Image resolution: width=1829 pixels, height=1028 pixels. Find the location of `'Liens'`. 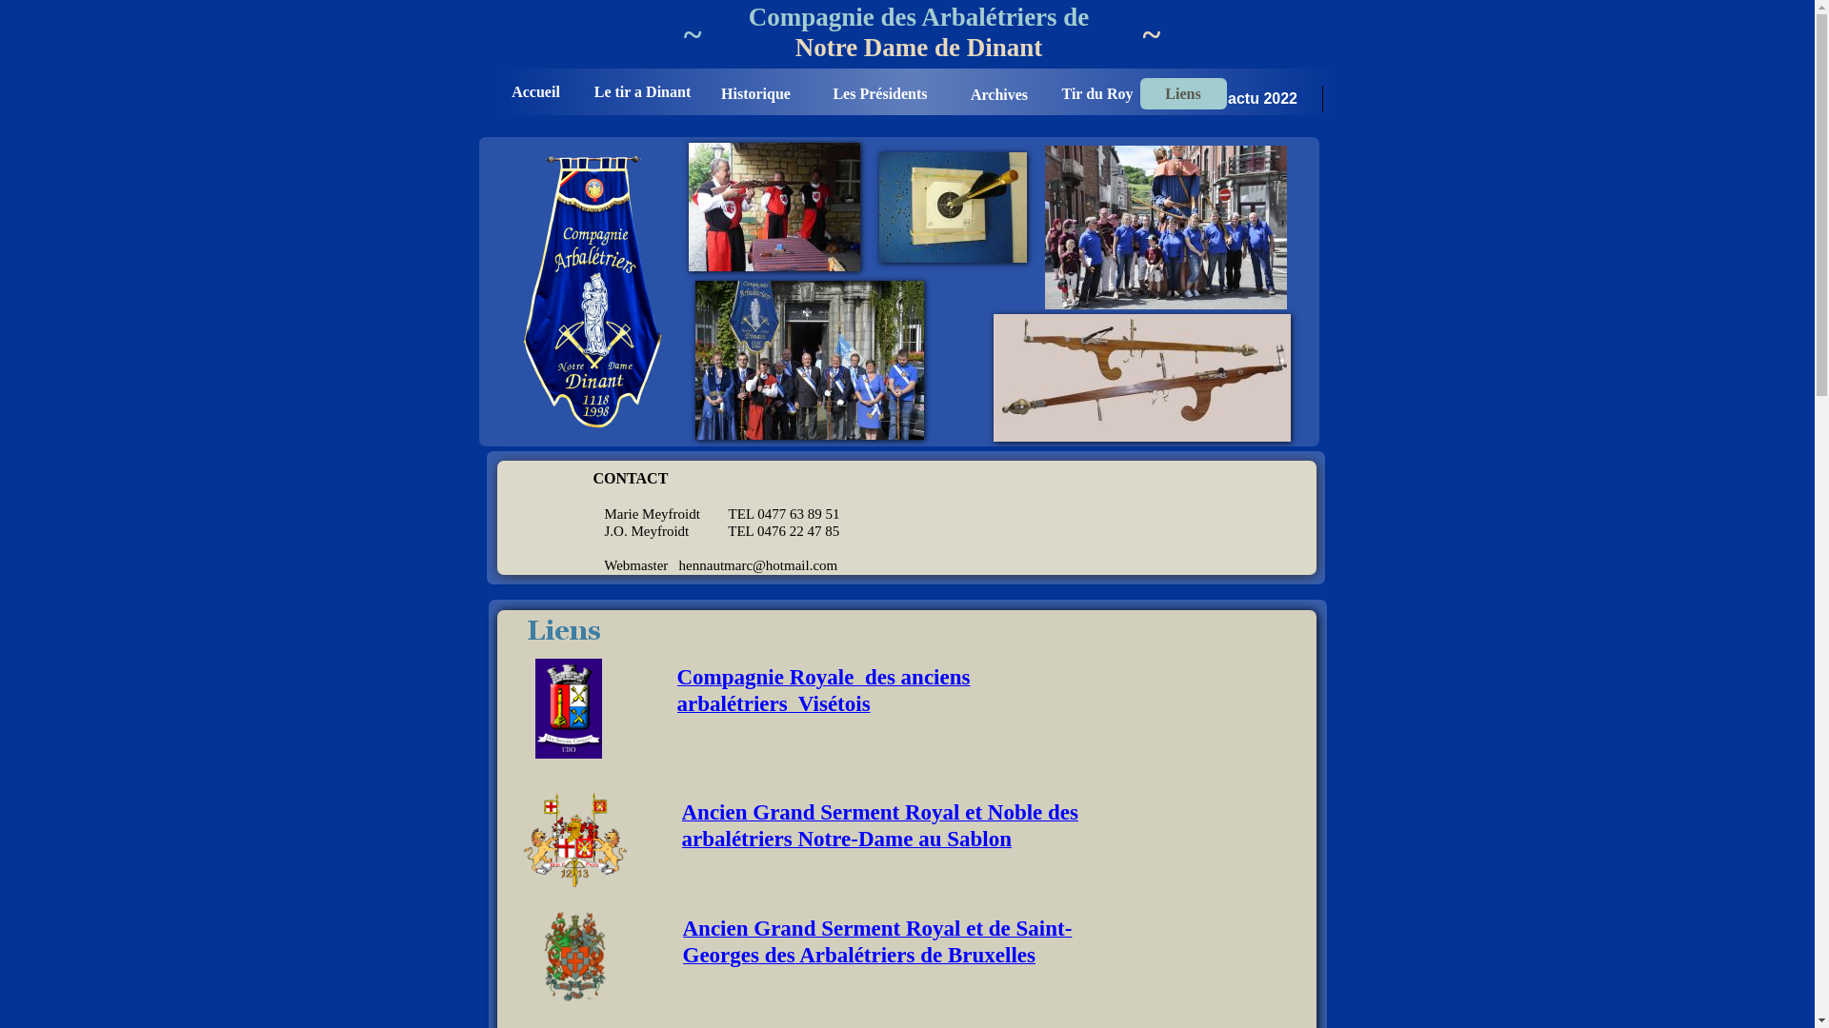

'Liens' is located at coordinates (1181, 93).